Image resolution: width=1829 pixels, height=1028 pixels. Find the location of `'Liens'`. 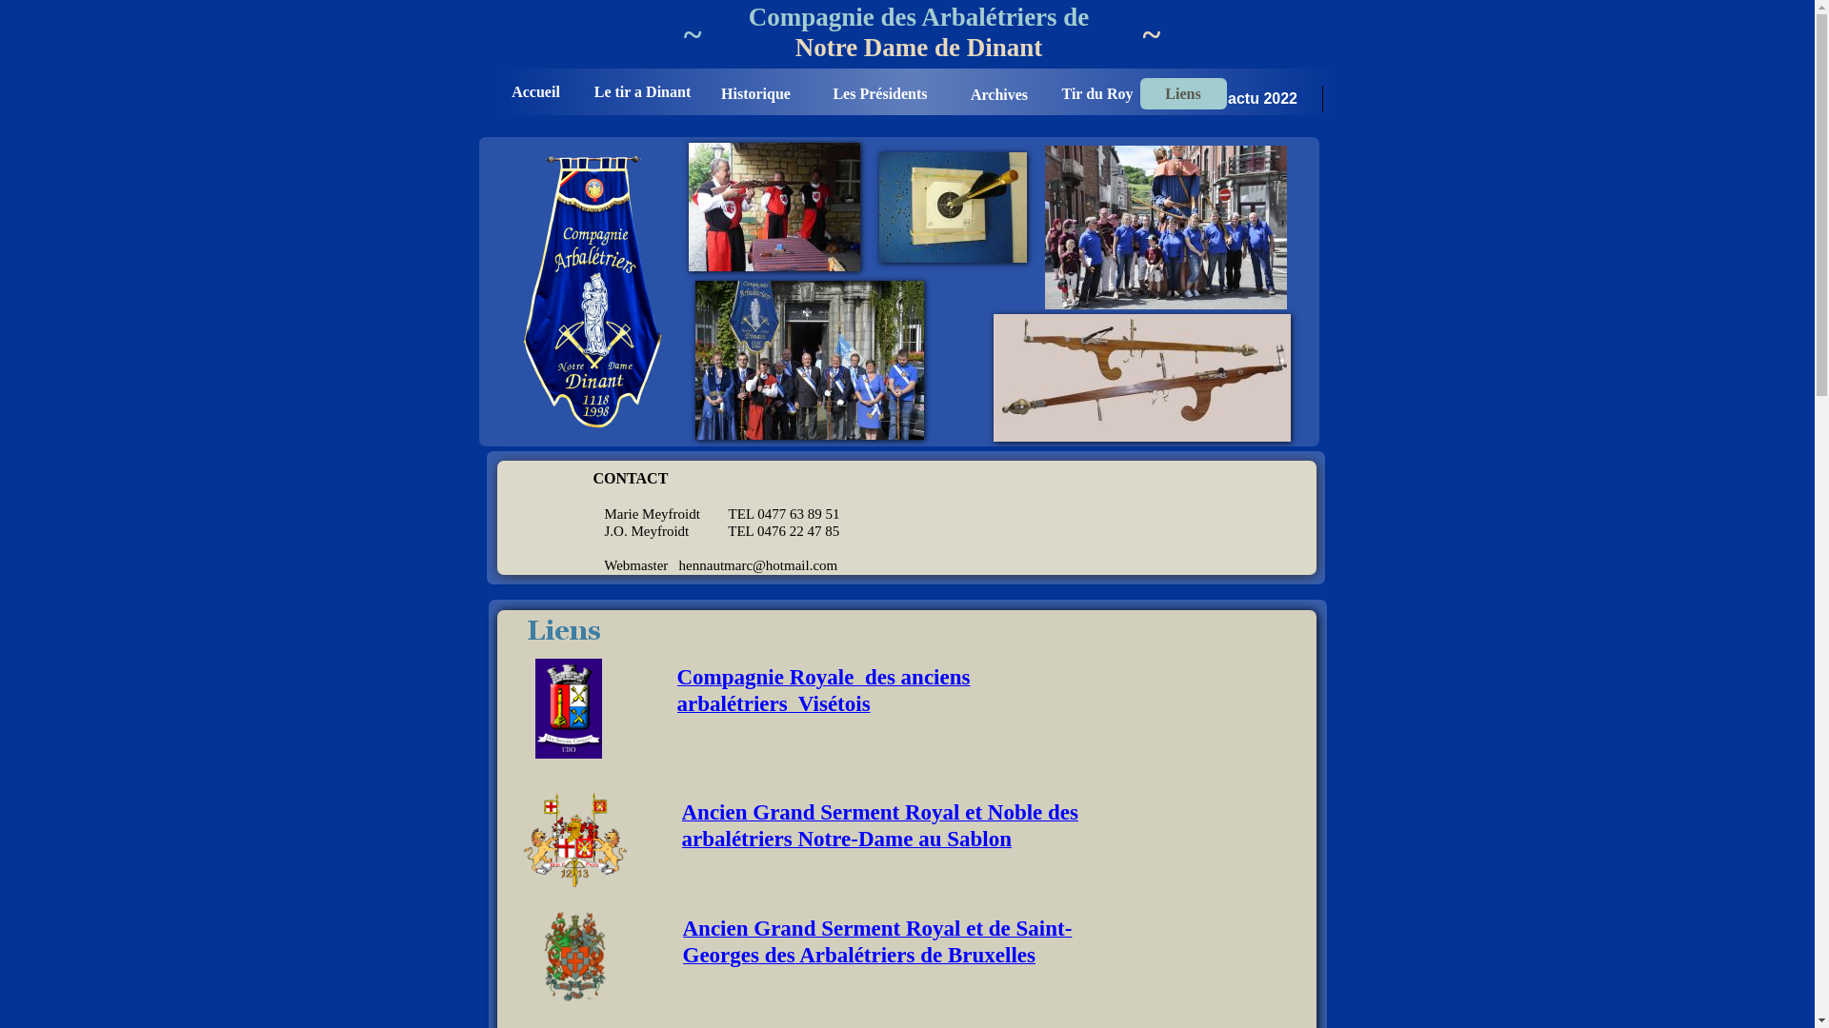

'Liens' is located at coordinates (1181, 93).